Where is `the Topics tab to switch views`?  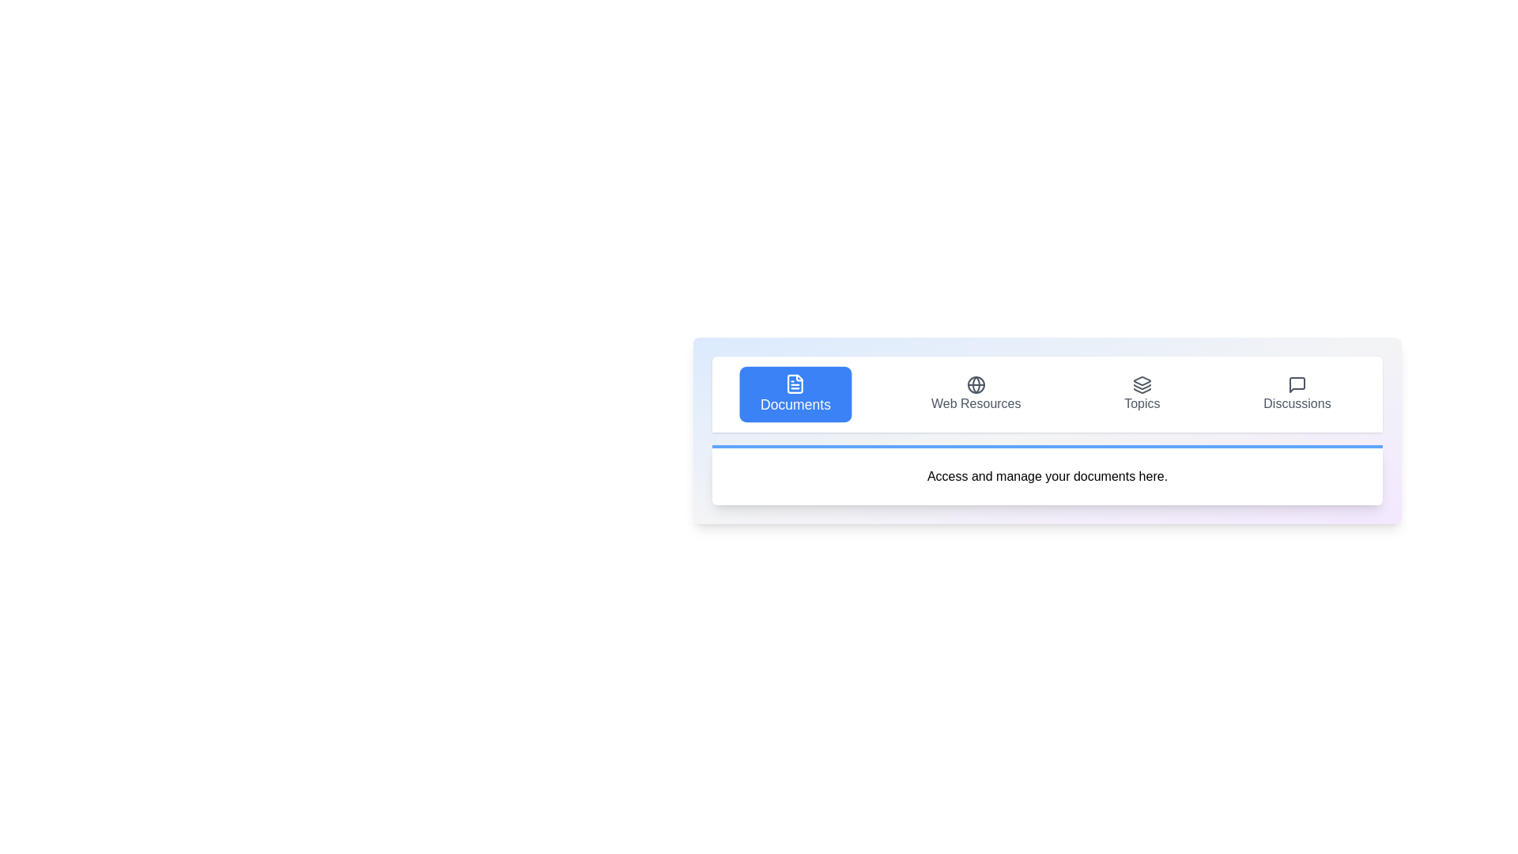
the Topics tab to switch views is located at coordinates (1142, 393).